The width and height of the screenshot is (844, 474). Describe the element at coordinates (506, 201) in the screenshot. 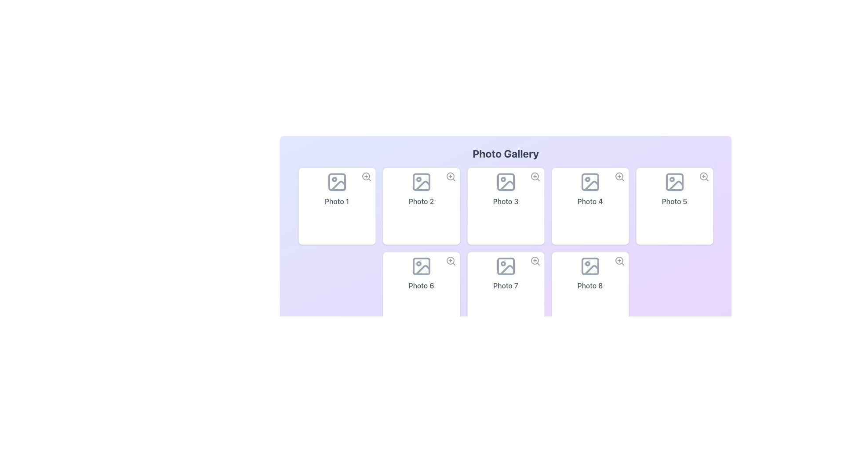

I see `the text label below the icon in the third card of the top row within the photo gallery grid, which helps users identify the associated image` at that location.